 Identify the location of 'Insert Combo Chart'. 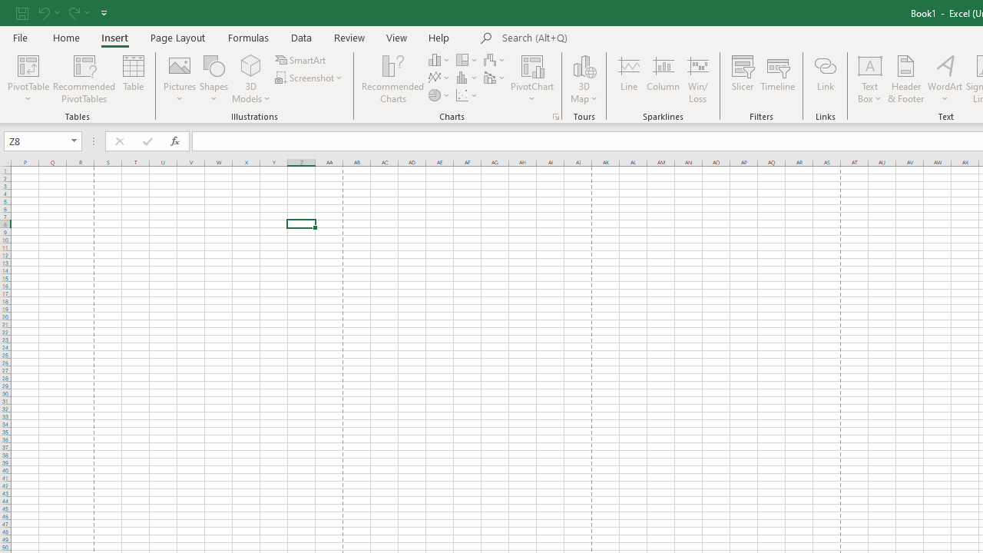
(495, 78).